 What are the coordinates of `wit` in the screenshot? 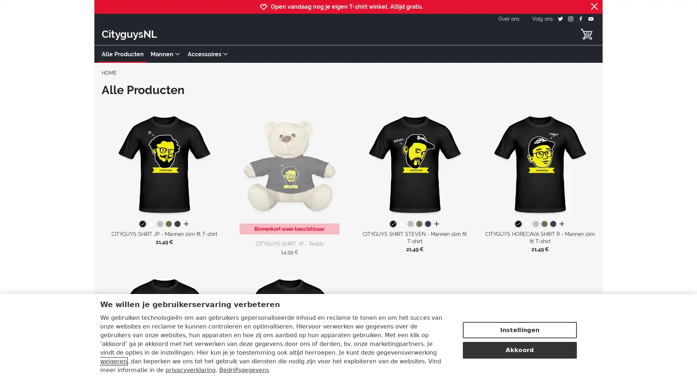 It's located at (526, 224).